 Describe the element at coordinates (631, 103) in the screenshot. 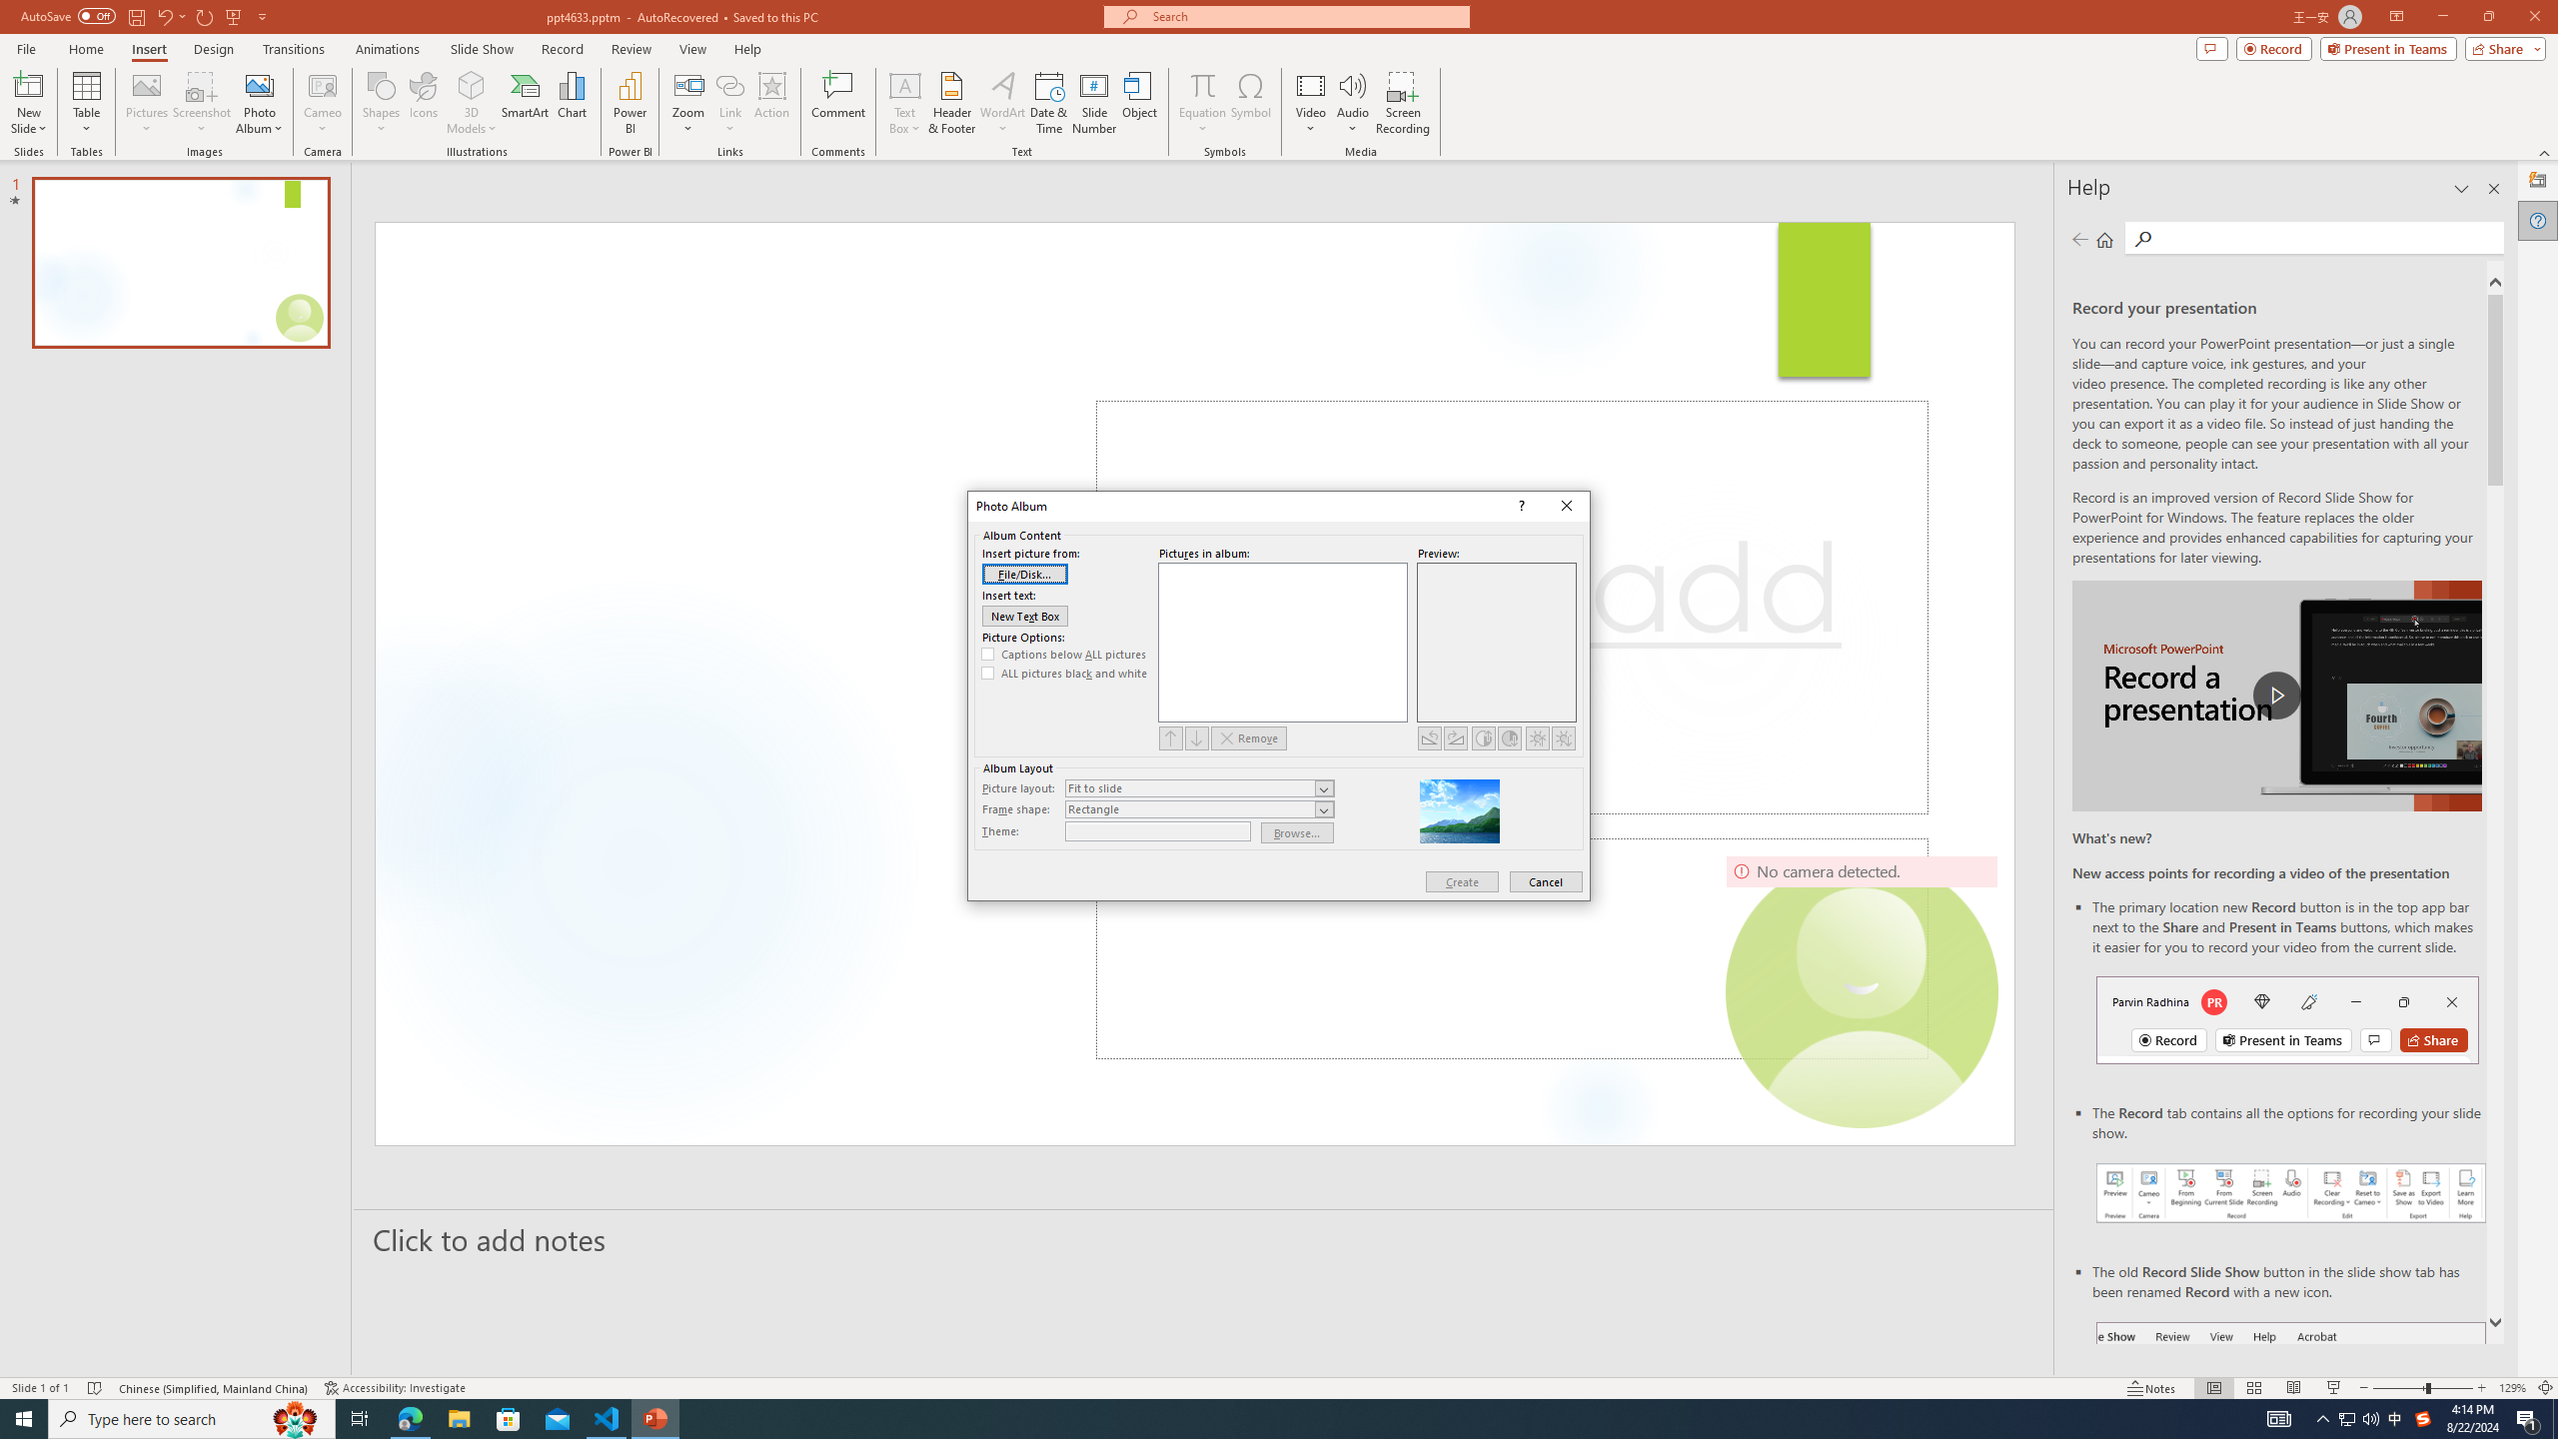

I see `'Power BI'` at that location.